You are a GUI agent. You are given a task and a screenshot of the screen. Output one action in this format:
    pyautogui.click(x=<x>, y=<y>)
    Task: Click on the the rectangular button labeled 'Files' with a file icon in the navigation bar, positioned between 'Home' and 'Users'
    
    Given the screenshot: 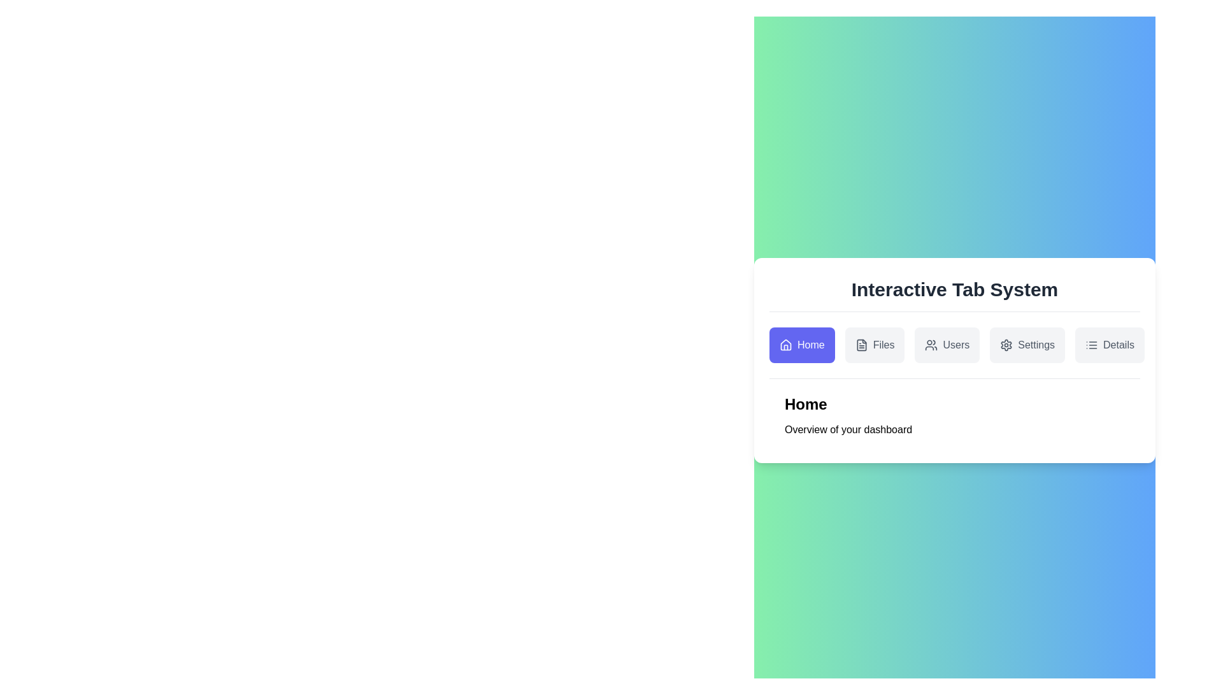 What is the action you would take?
    pyautogui.click(x=874, y=345)
    